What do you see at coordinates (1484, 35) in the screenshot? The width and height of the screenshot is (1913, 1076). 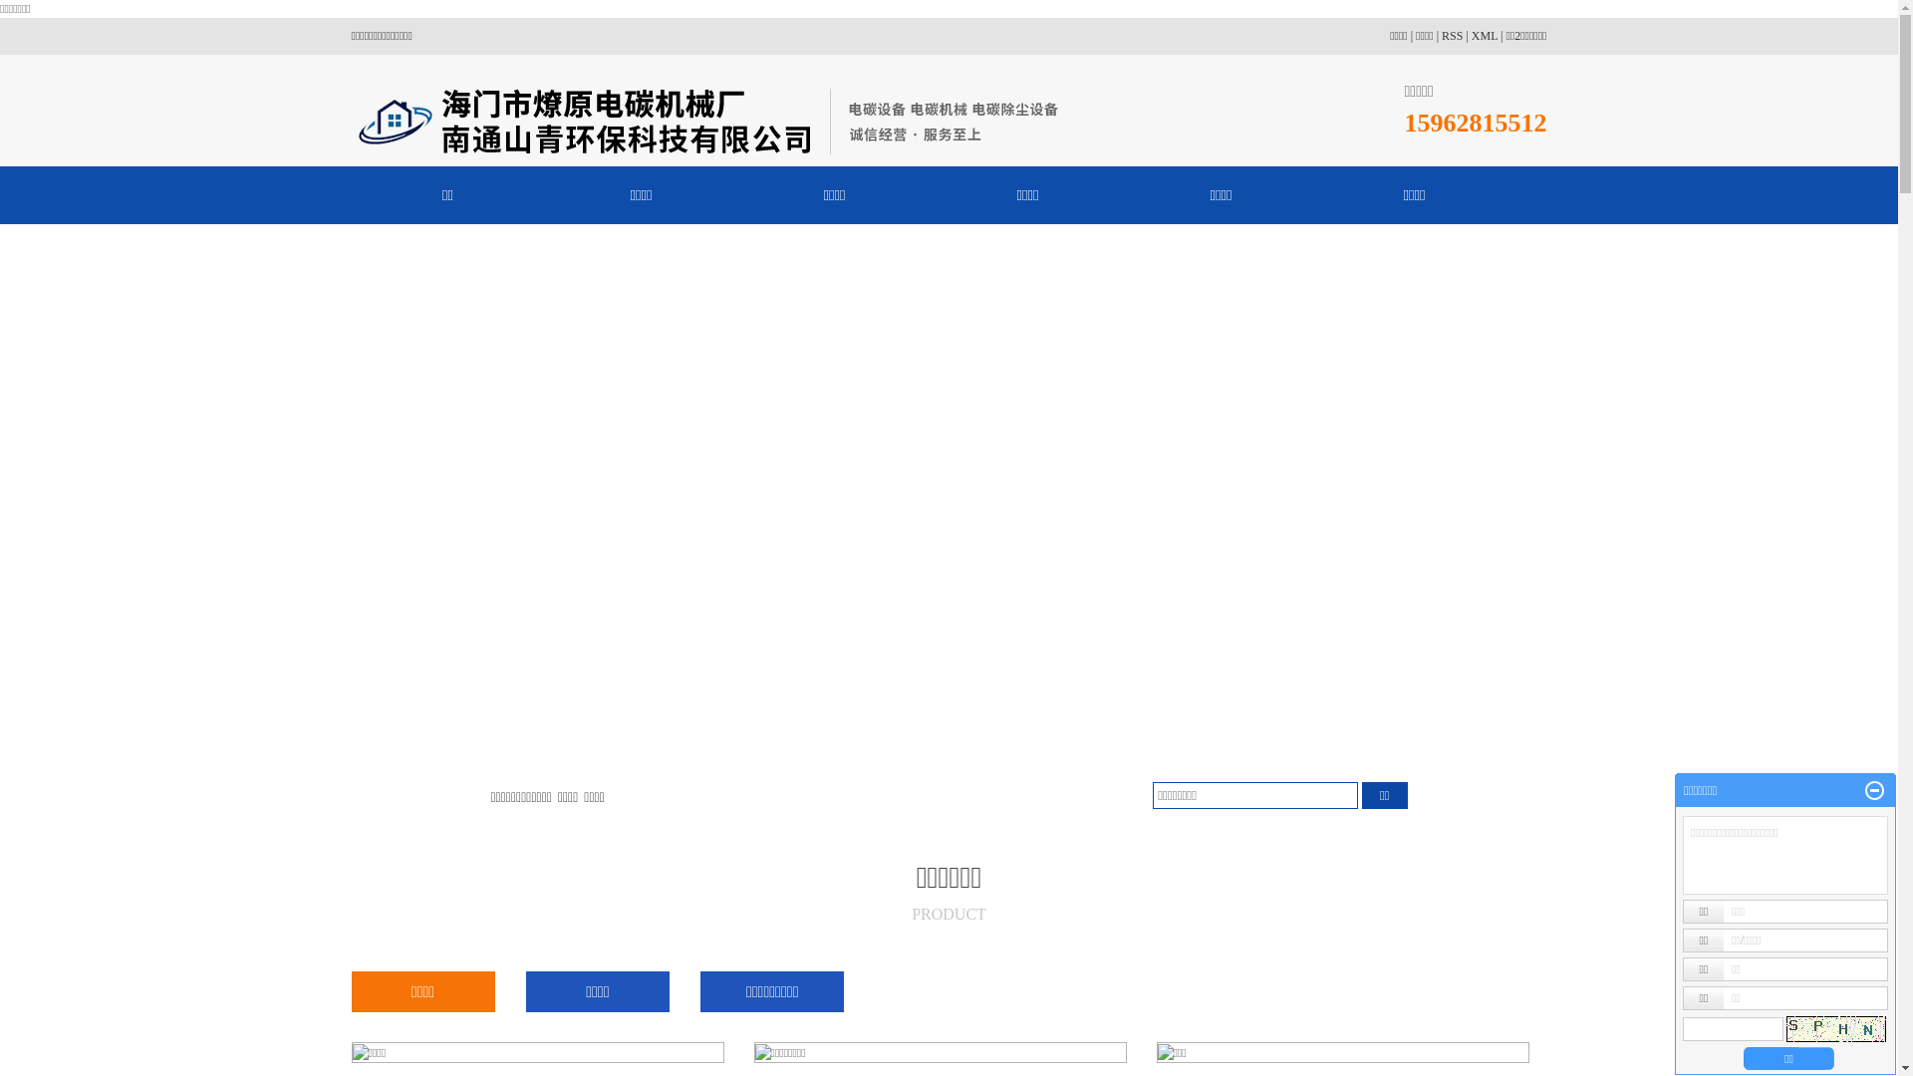 I see `'XML'` at bounding box center [1484, 35].